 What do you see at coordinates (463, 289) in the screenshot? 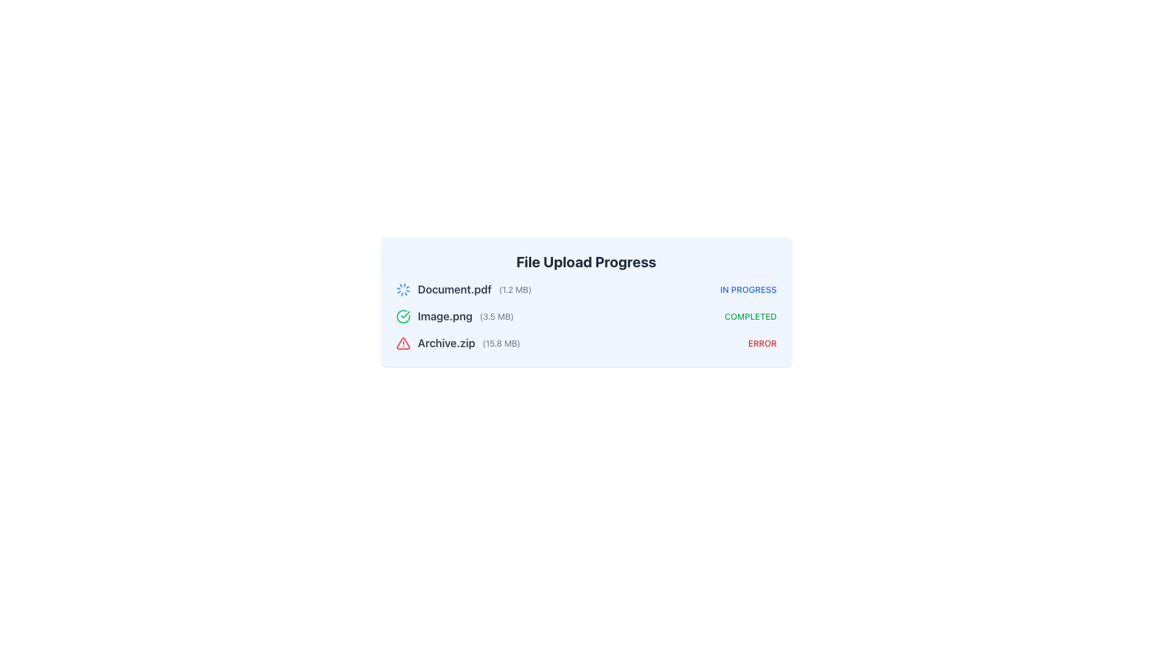
I see `text of the filename 'Document.pdf' and its size '(1.2 MB)' from the first entry in the File Upload Progress interface` at bounding box center [463, 289].